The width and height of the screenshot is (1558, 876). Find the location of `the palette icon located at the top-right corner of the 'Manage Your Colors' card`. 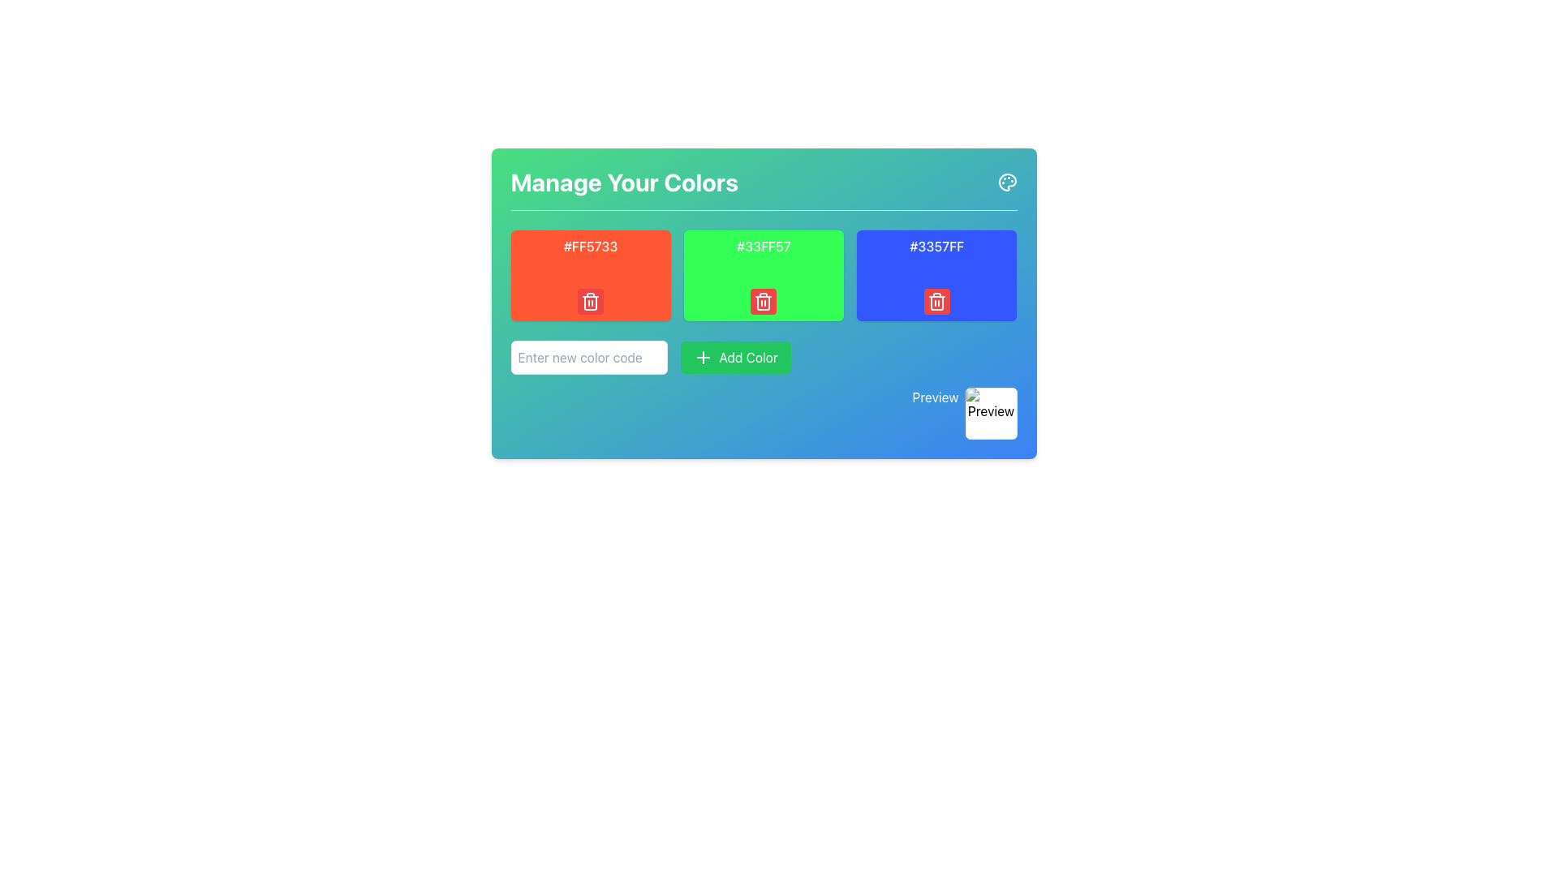

the palette icon located at the top-right corner of the 'Manage Your Colors' card is located at coordinates (1006, 182).